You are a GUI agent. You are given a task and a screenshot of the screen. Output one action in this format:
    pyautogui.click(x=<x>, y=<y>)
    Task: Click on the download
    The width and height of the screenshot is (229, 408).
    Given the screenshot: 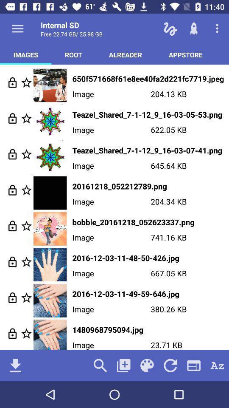 What is the action you would take?
    pyautogui.click(x=15, y=365)
    